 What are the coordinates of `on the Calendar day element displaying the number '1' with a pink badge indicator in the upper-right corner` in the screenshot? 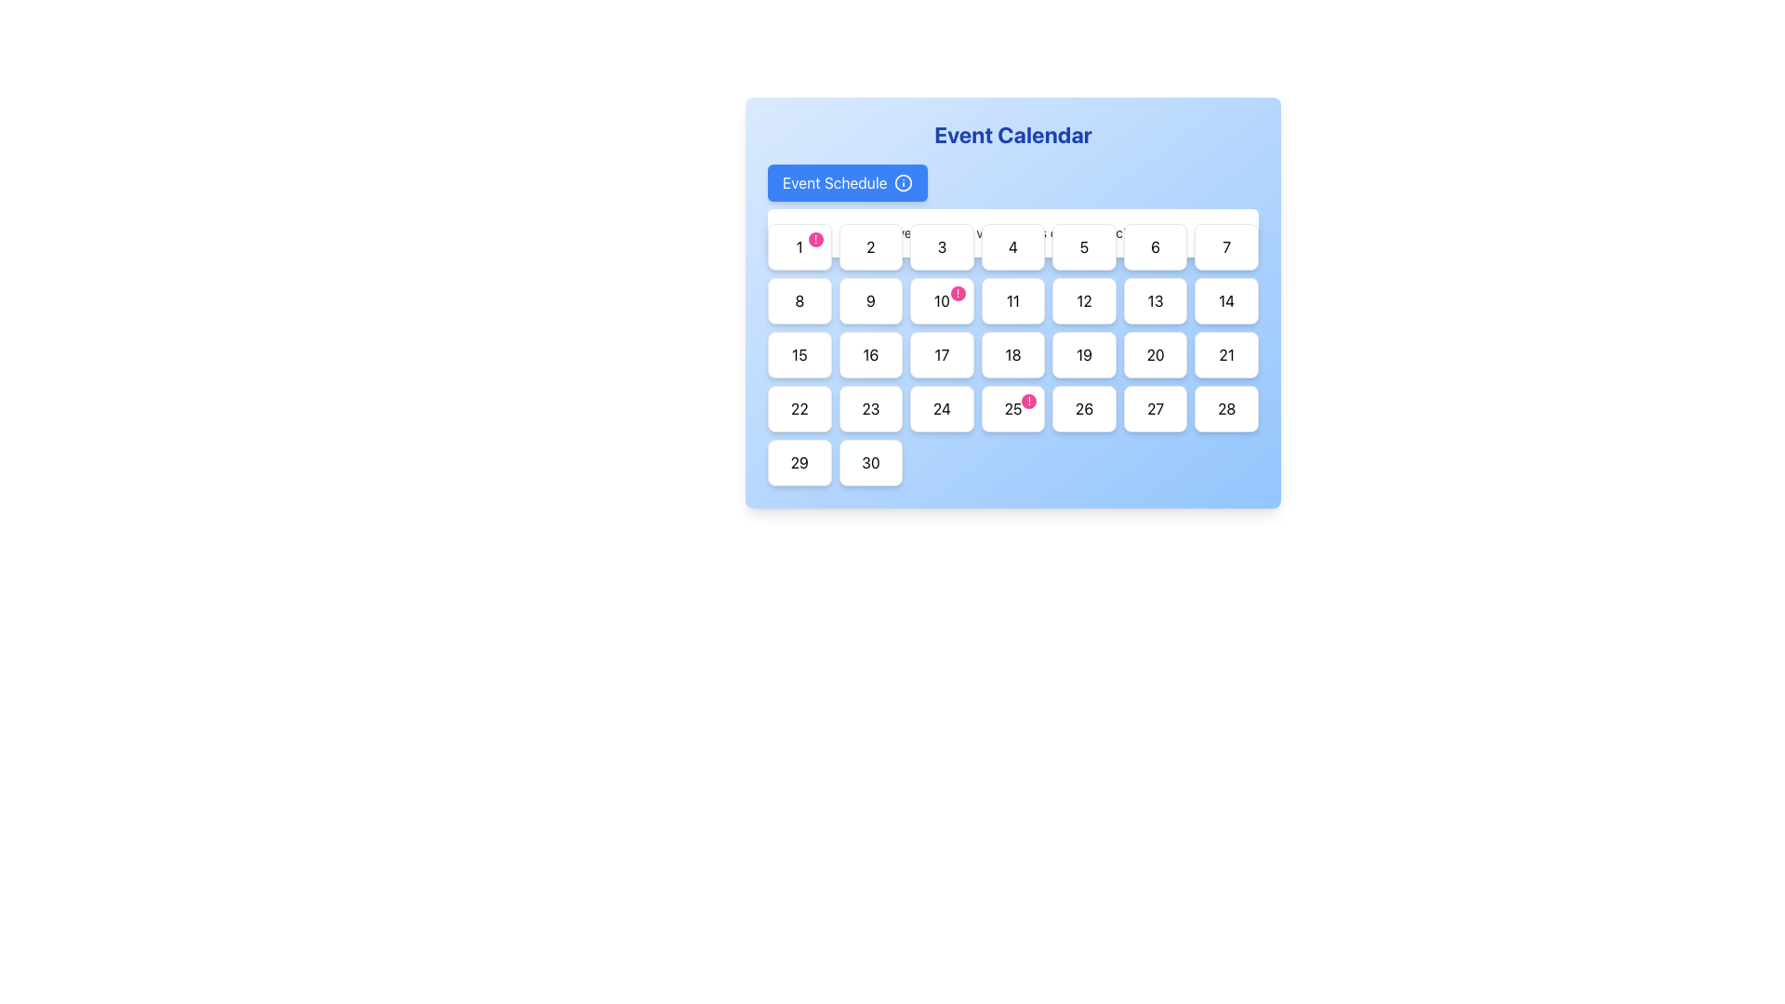 It's located at (800, 246).